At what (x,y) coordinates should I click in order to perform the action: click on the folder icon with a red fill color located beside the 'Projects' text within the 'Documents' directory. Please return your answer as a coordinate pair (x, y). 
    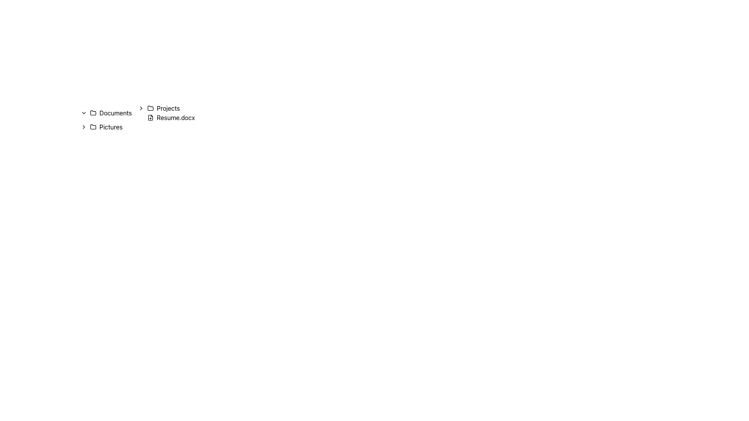
    Looking at the image, I should click on (150, 108).